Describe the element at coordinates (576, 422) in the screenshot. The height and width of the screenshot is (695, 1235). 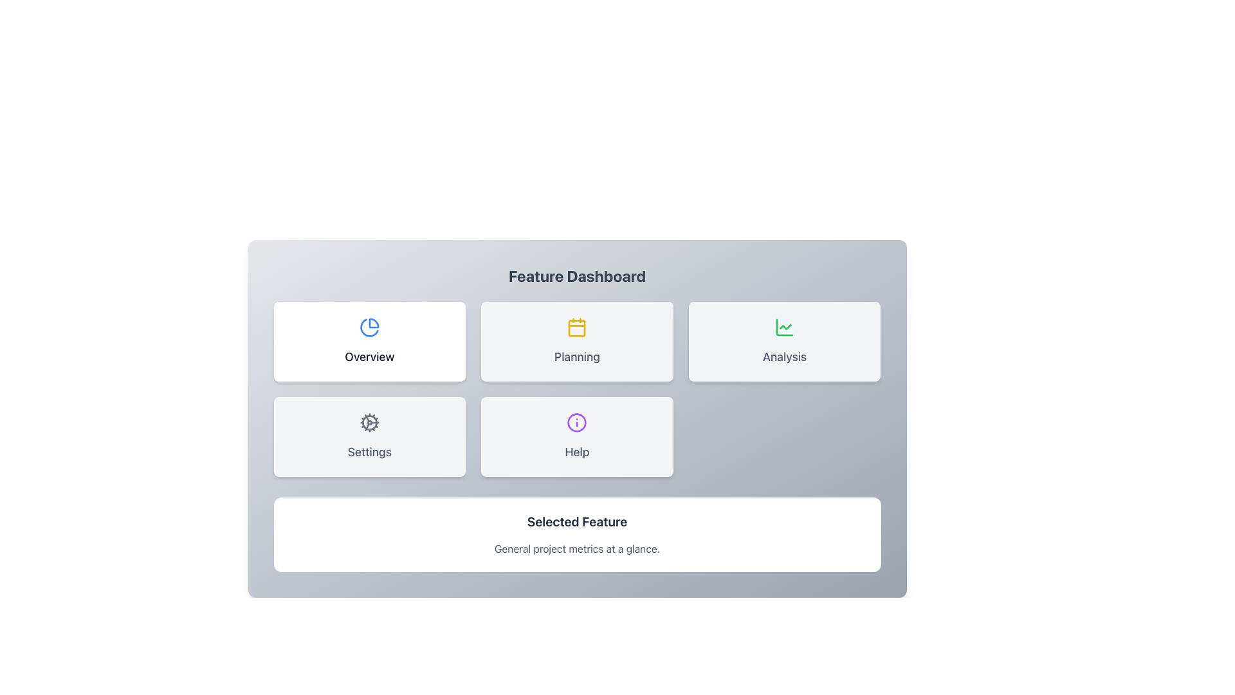
I see `the circular graphical decoration with a bold purple stroke that is part of the 'Help' button located in the bottom-right corner of the dashboard` at that location.